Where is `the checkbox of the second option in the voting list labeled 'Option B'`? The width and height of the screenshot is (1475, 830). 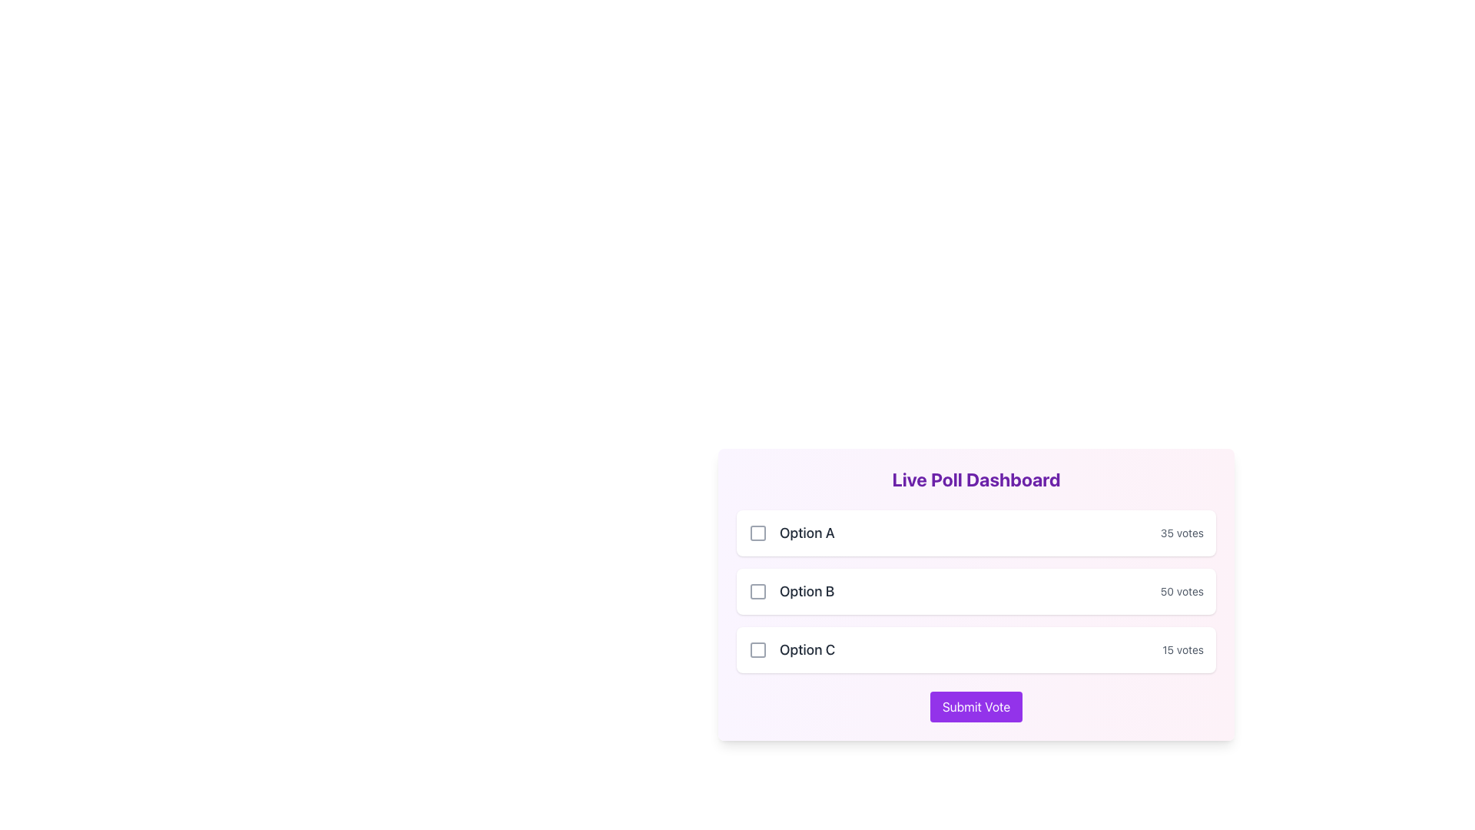
the checkbox of the second option in the voting list labeled 'Option B' is located at coordinates (976, 591).